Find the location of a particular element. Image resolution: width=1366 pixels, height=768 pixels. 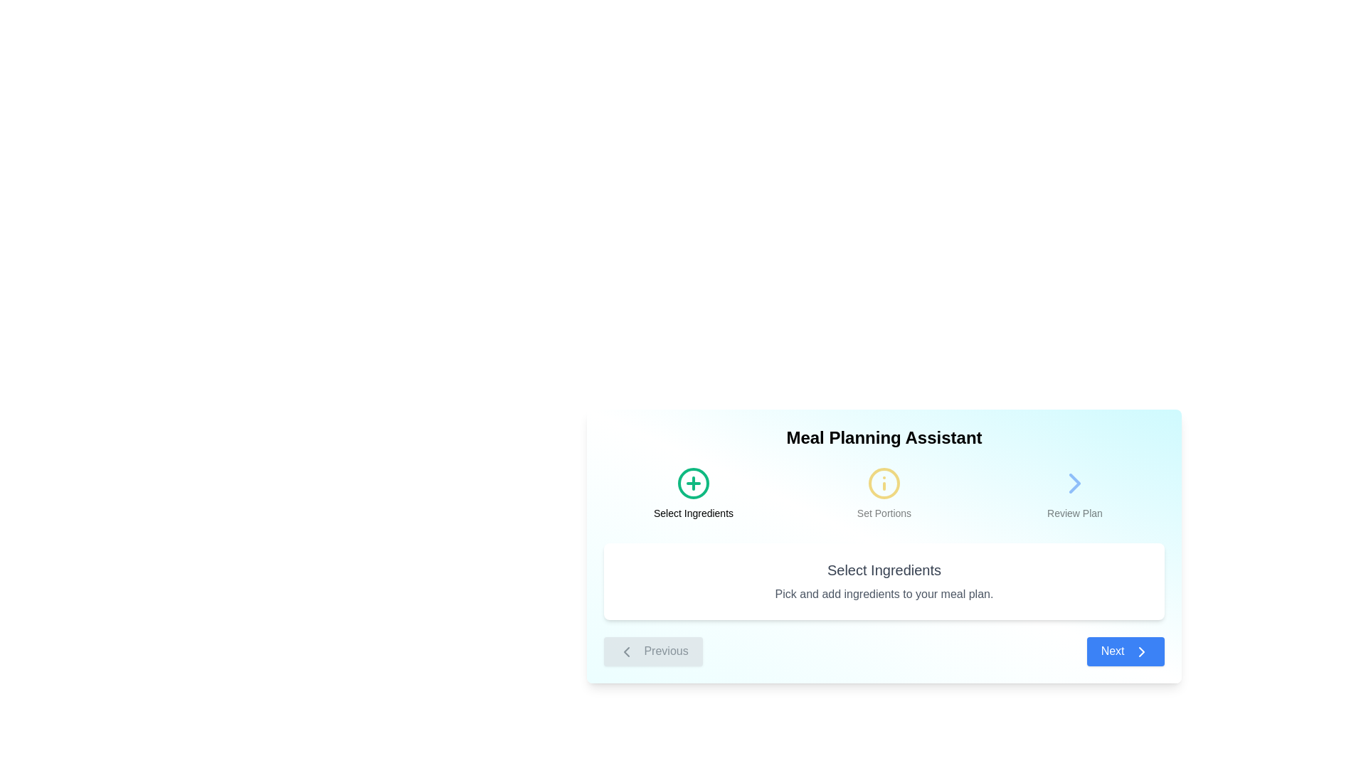

title text located at the top-center of the card component, which indicates the section for assisting users with meal planning is located at coordinates (884, 437).